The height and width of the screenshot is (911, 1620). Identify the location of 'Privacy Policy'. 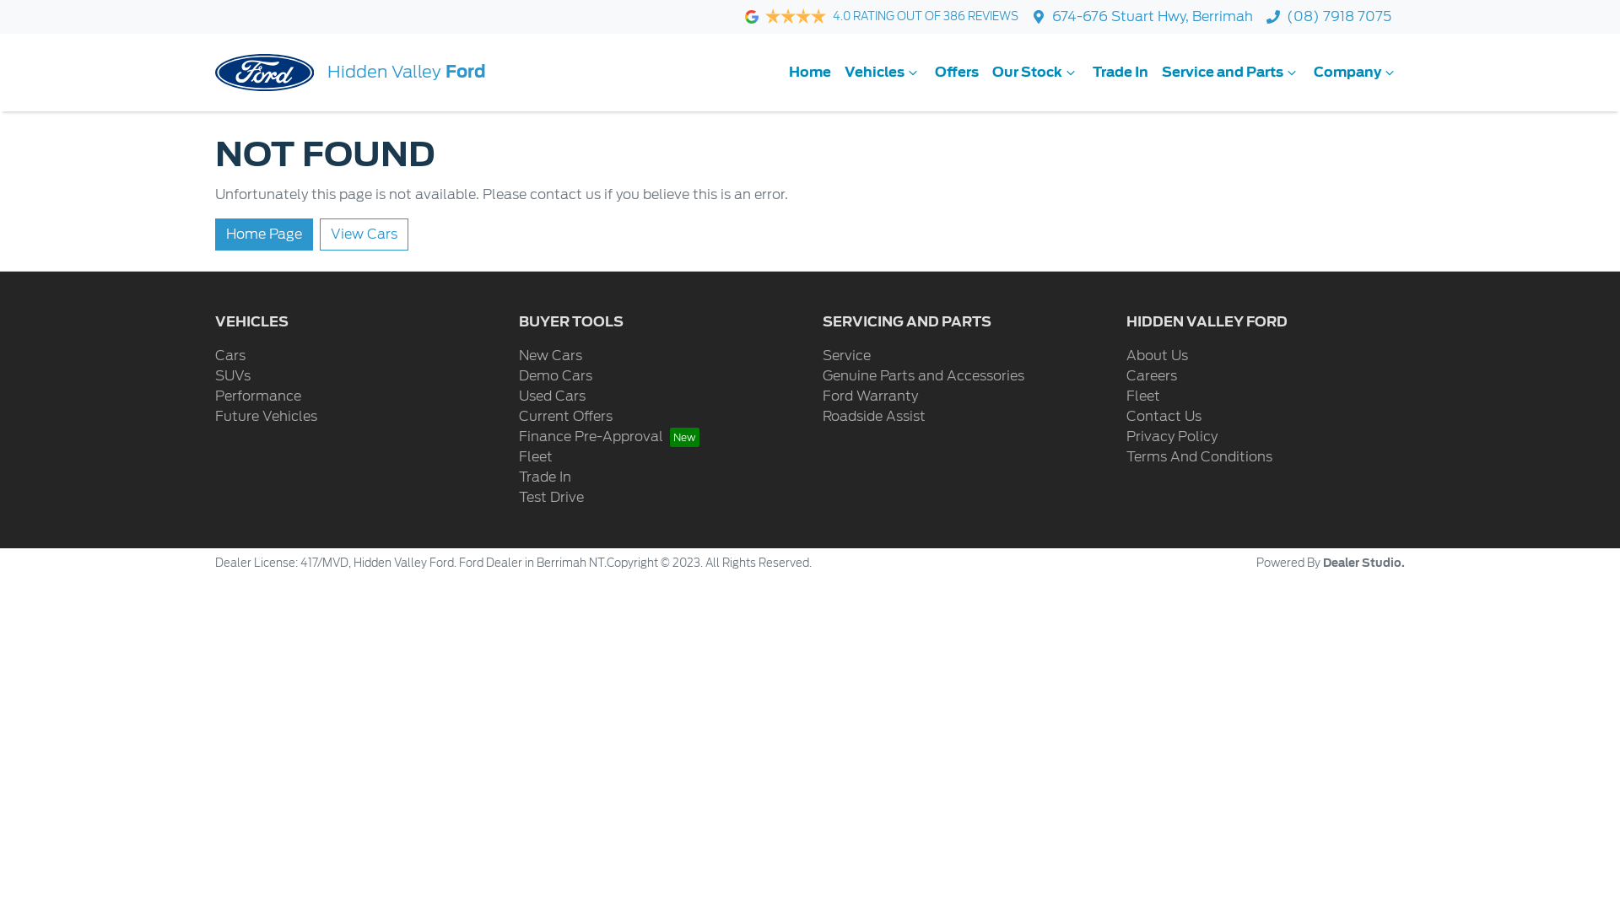
(1170, 435).